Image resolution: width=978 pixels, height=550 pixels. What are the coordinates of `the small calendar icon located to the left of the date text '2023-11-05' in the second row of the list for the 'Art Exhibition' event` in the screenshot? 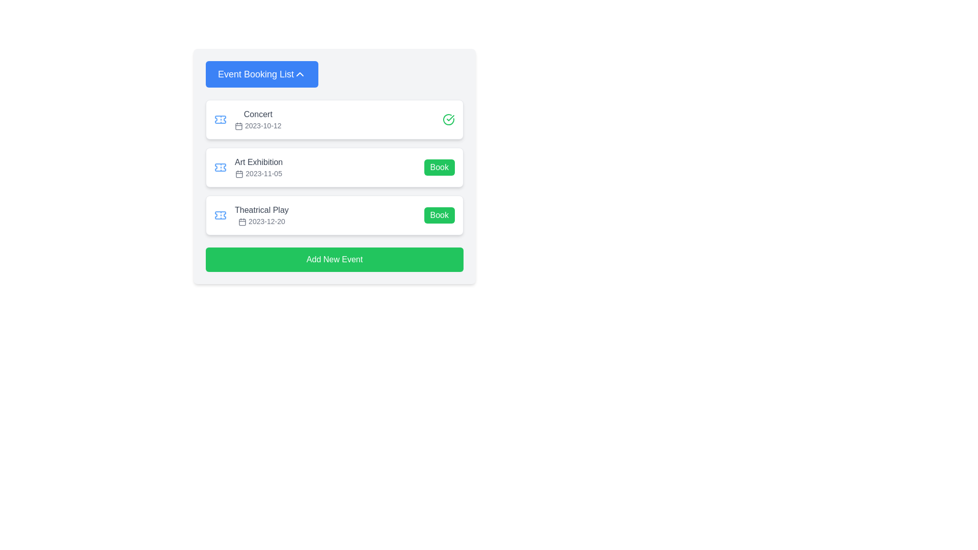 It's located at (239, 174).